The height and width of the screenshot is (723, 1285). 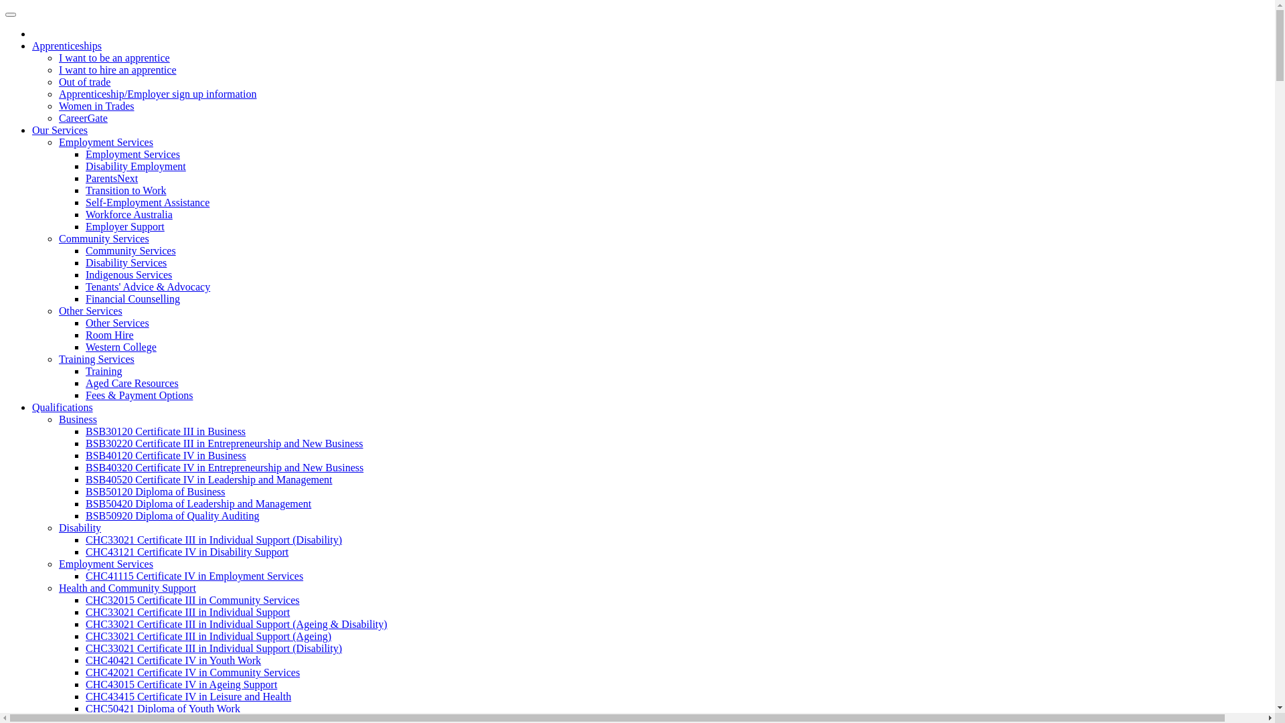 I want to click on 'CHC43015 Certificate IV in Ageing Support', so click(x=180, y=684).